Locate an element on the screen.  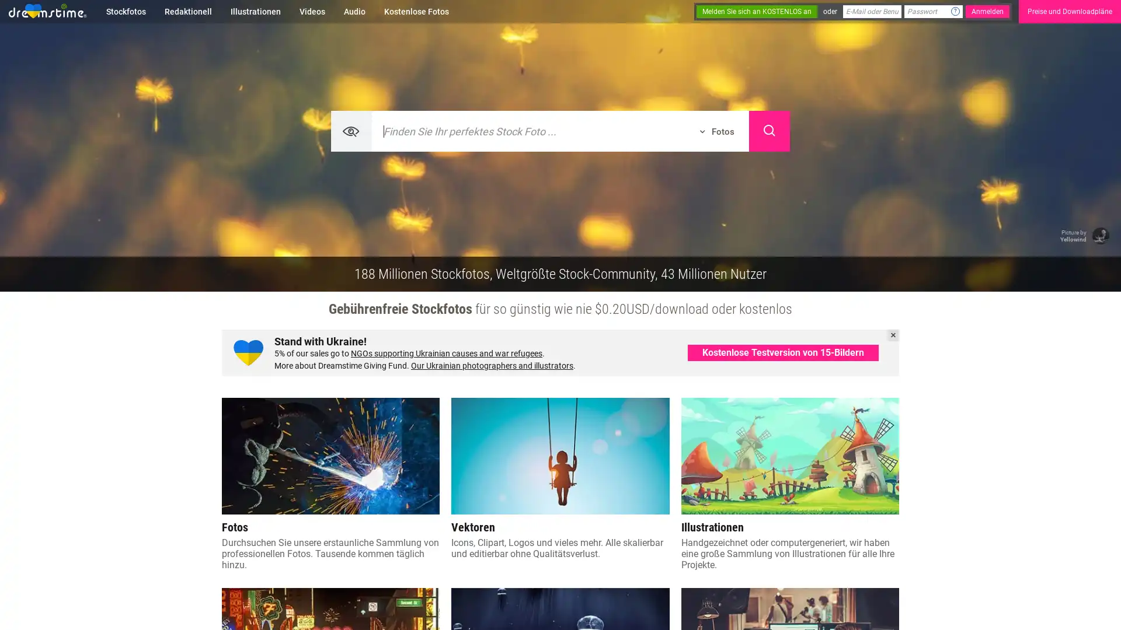
Search is located at coordinates (770, 131).